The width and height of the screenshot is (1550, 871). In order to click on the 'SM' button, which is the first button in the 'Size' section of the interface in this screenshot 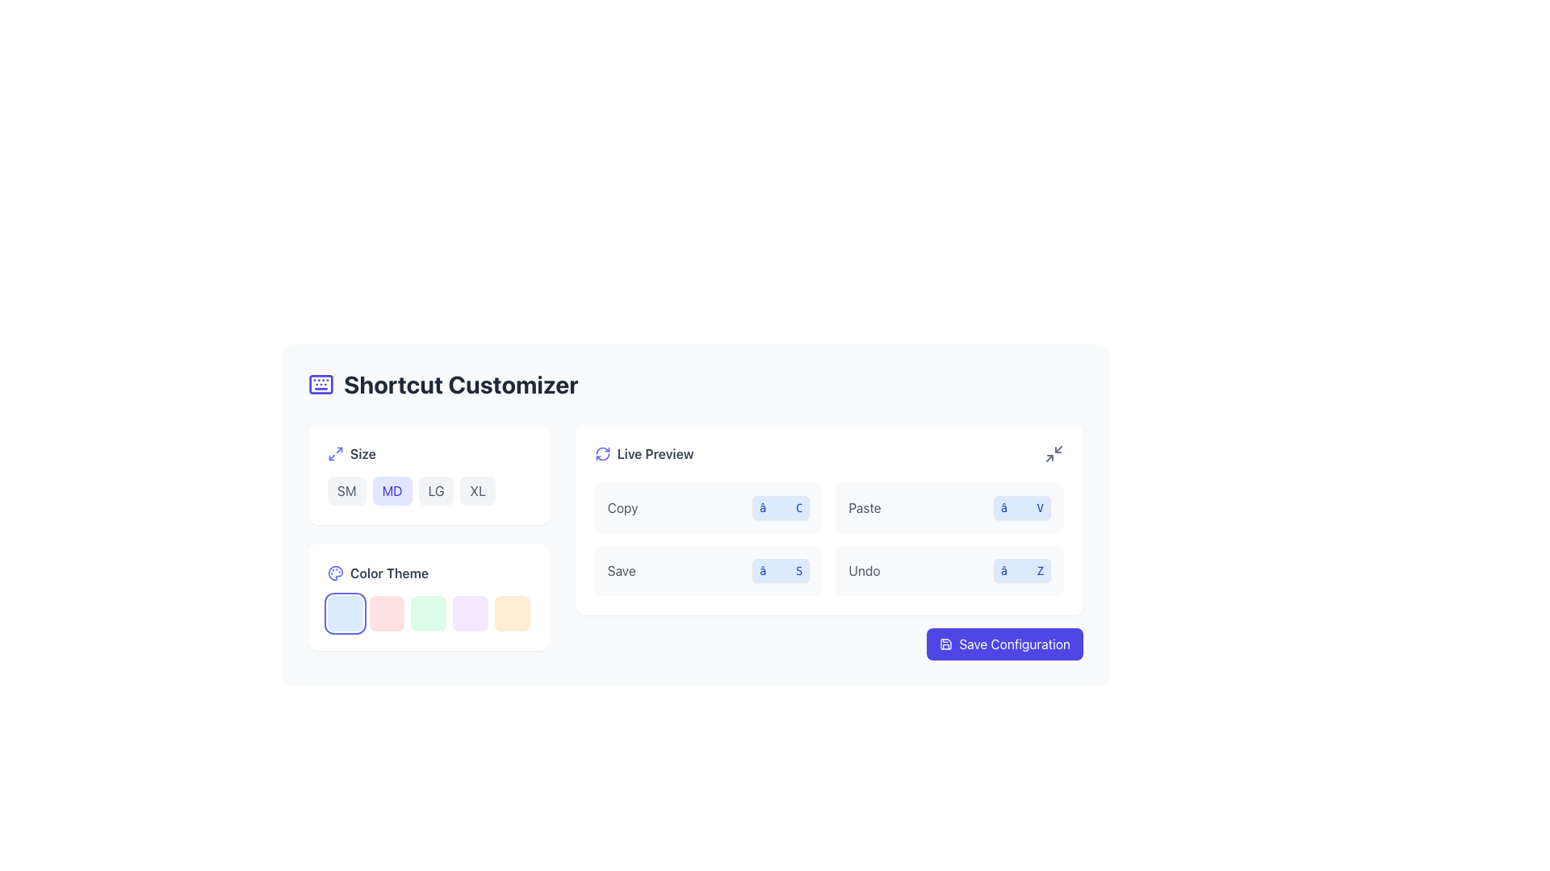, I will do `click(346, 490)`.